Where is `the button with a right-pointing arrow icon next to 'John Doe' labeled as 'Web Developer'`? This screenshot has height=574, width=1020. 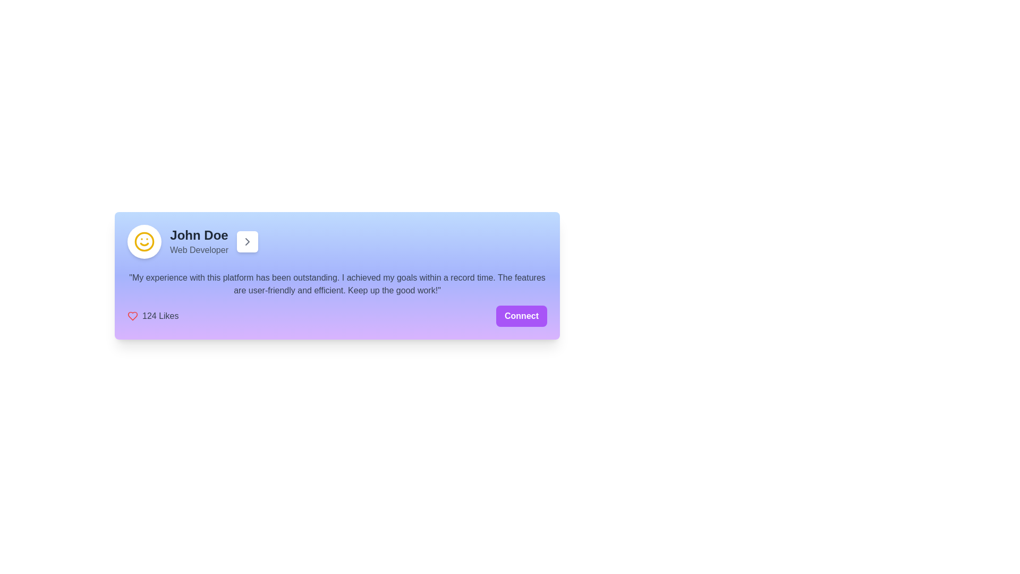
the button with a right-pointing arrow icon next to 'John Doe' labeled as 'Web Developer' is located at coordinates (246, 242).